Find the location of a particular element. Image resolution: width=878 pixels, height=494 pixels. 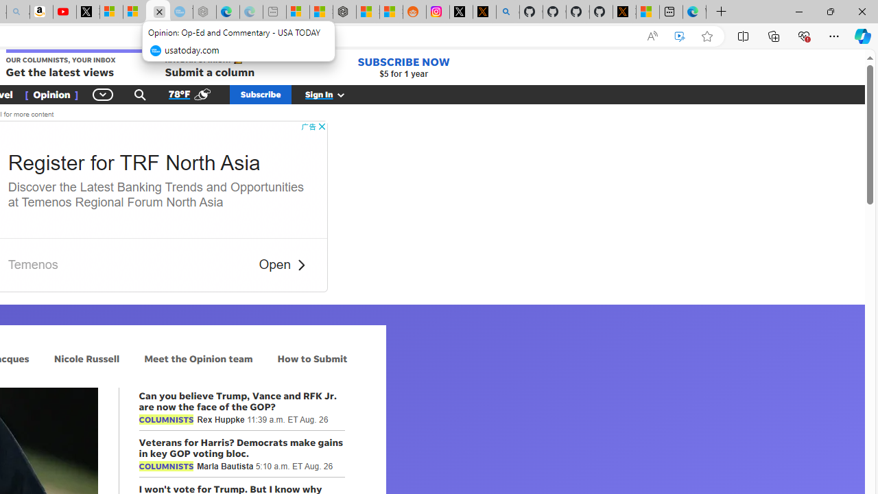

'Class: gnt_n_se_a_svg' is located at coordinates (140, 93).